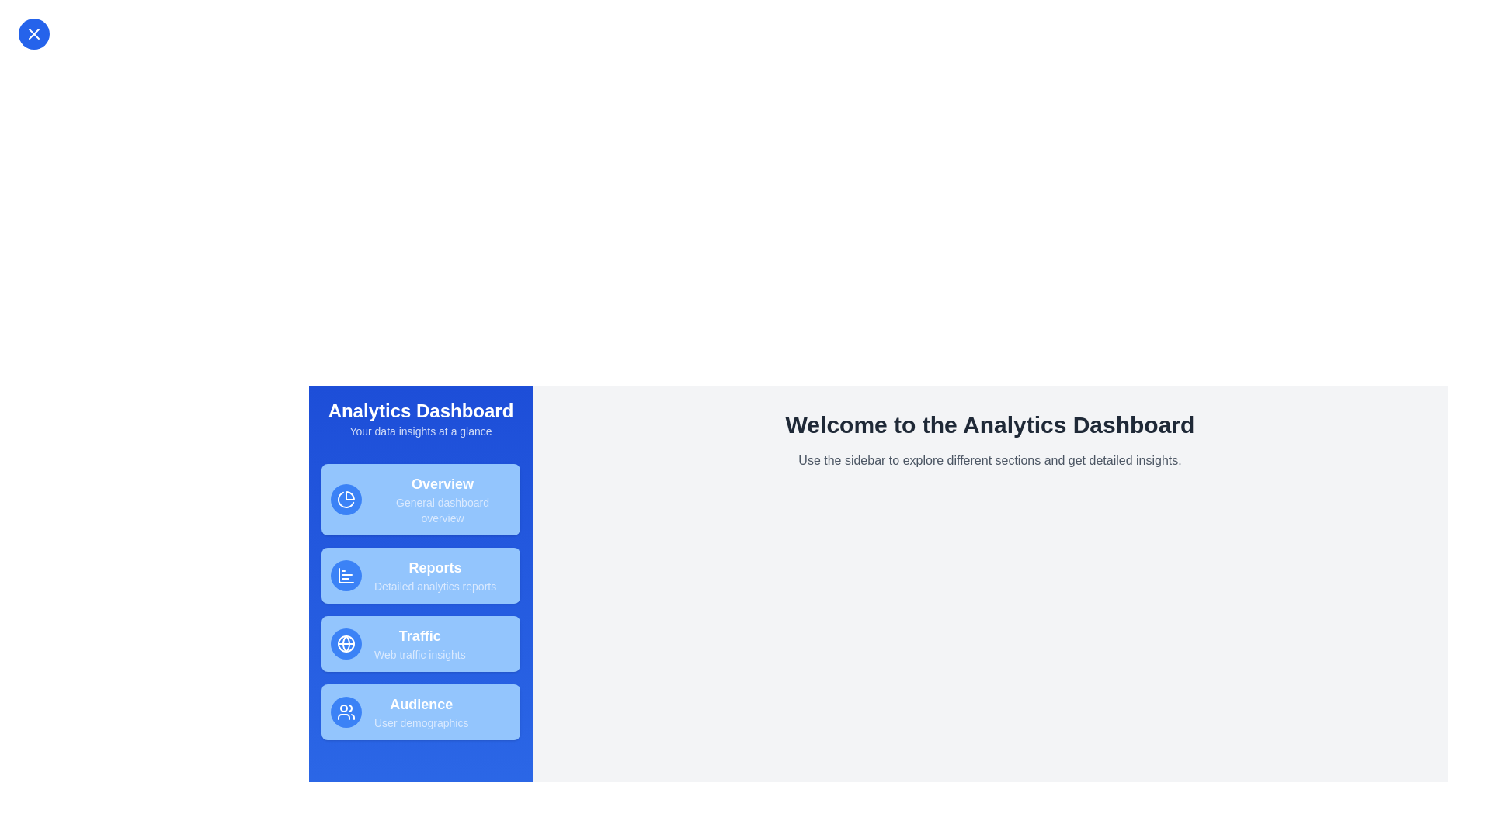 The height and width of the screenshot is (838, 1491). Describe the element at coordinates (421, 643) in the screenshot. I see `the navigation item labeled Traffic` at that location.